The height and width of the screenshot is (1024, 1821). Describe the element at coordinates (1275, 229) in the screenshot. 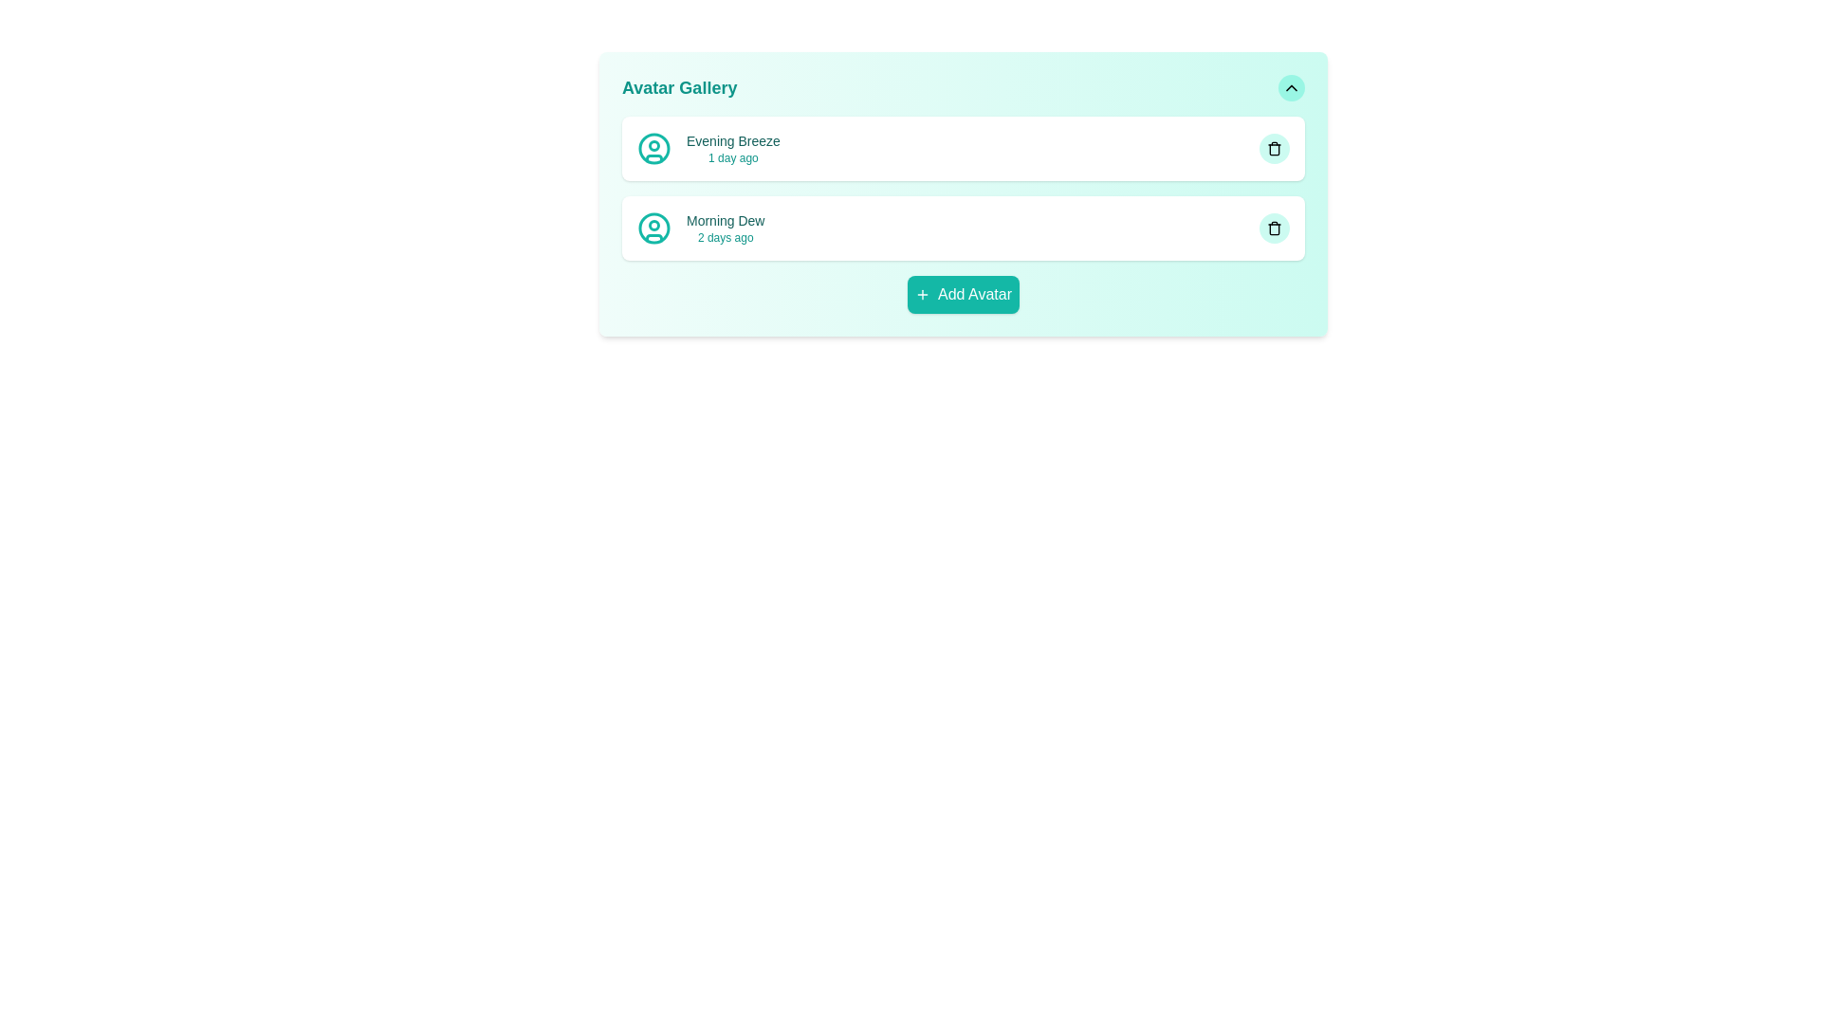

I see `the area surrounding the trash can icon` at that location.